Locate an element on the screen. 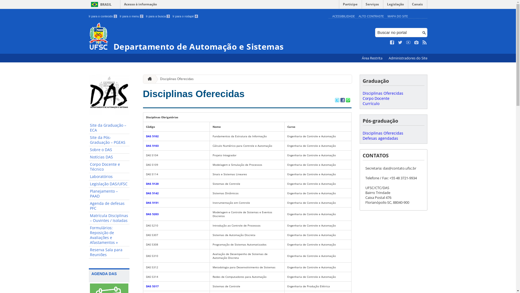  'DAS 5203' is located at coordinates (152, 214).